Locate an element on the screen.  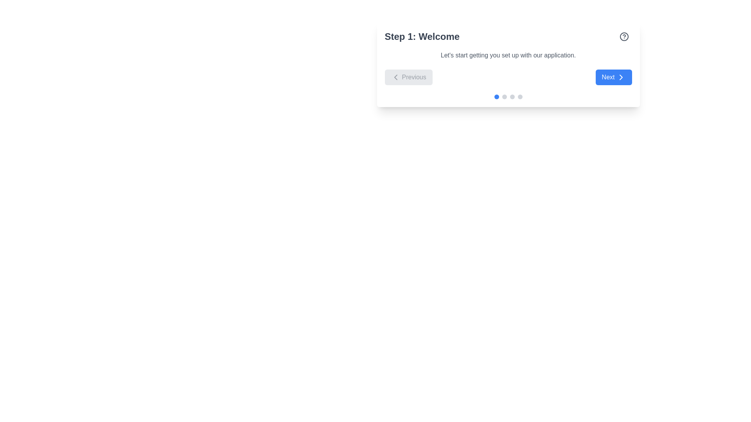
the progress indicator consisting of four circular indicators, where the first circle is blue indicating the active state, to determine the current step in the welcome process is located at coordinates (508, 96).